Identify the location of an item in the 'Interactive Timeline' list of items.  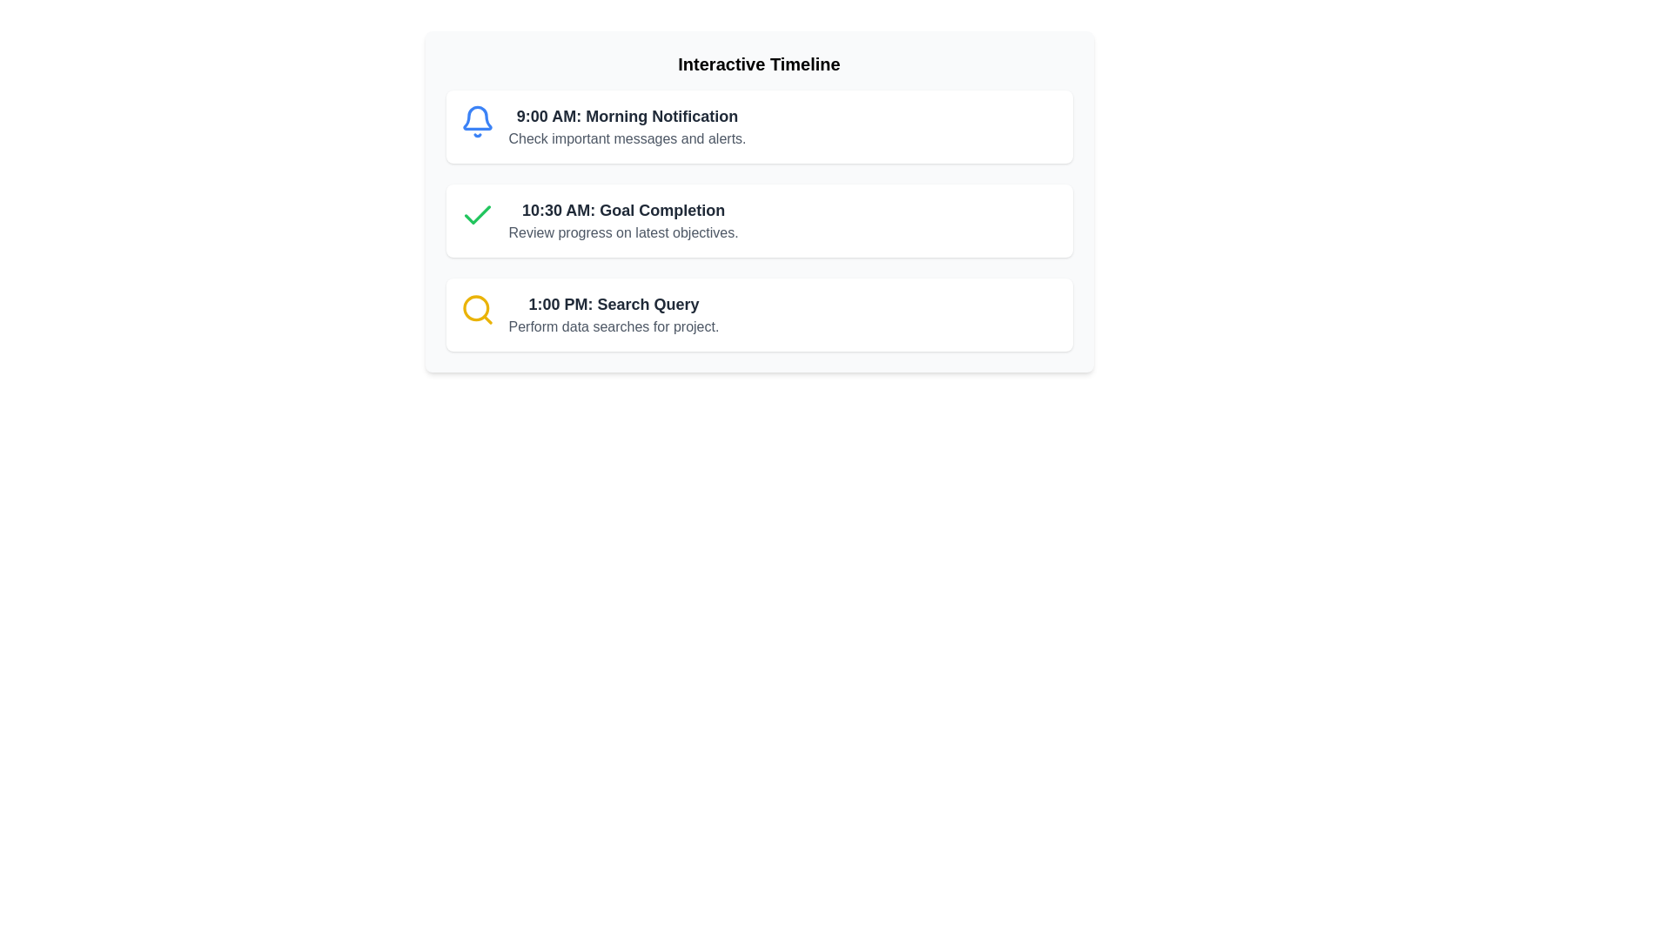
(759, 220).